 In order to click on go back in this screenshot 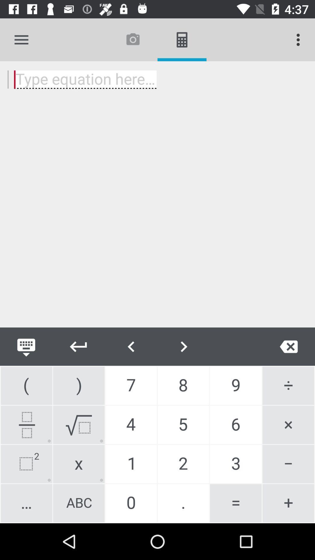, I will do `click(79, 346)`.